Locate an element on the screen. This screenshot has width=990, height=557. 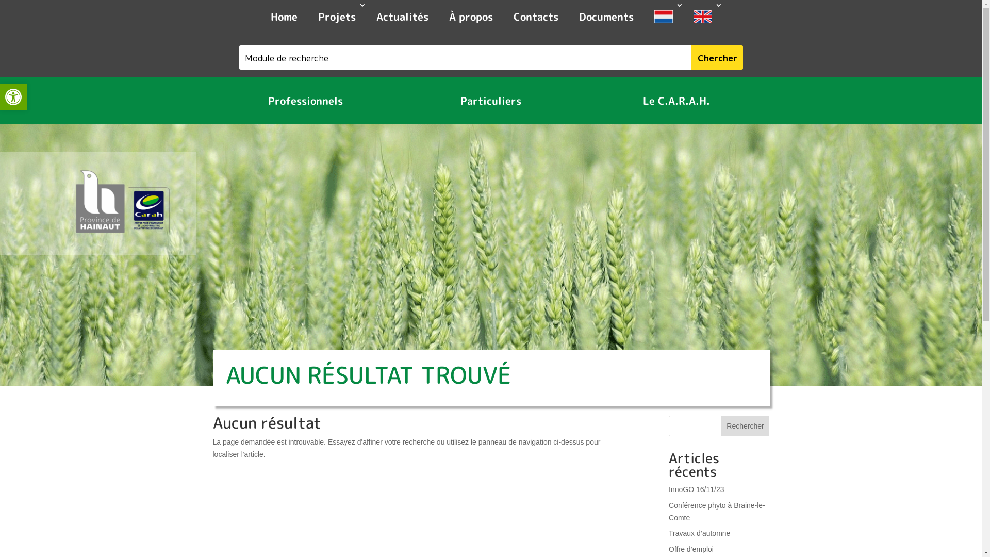
'Contacts' is located at coordinates (536, 18).